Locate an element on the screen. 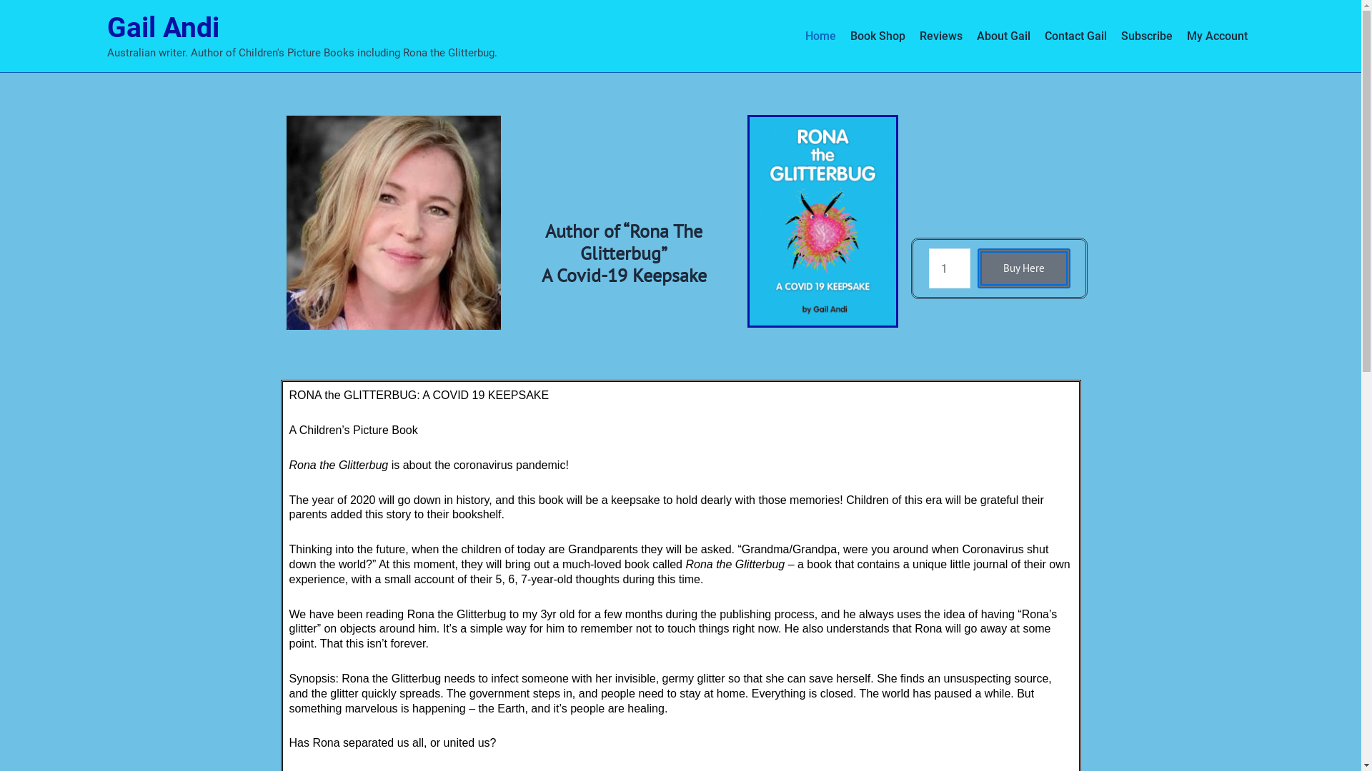 The width and height of the screenshot is (1372, 771). 'Book Shop' is located at coordinates (877, 35).